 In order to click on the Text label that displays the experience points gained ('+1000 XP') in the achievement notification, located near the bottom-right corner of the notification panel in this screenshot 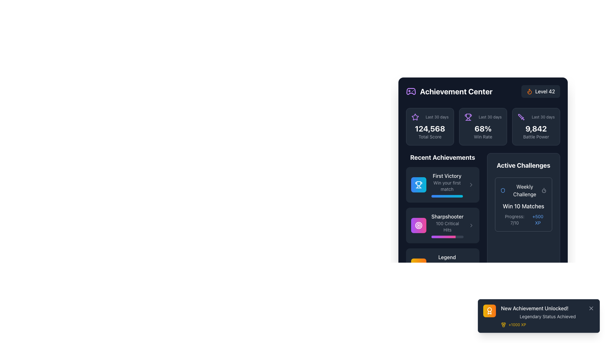, I will do `click(517, 325)`.